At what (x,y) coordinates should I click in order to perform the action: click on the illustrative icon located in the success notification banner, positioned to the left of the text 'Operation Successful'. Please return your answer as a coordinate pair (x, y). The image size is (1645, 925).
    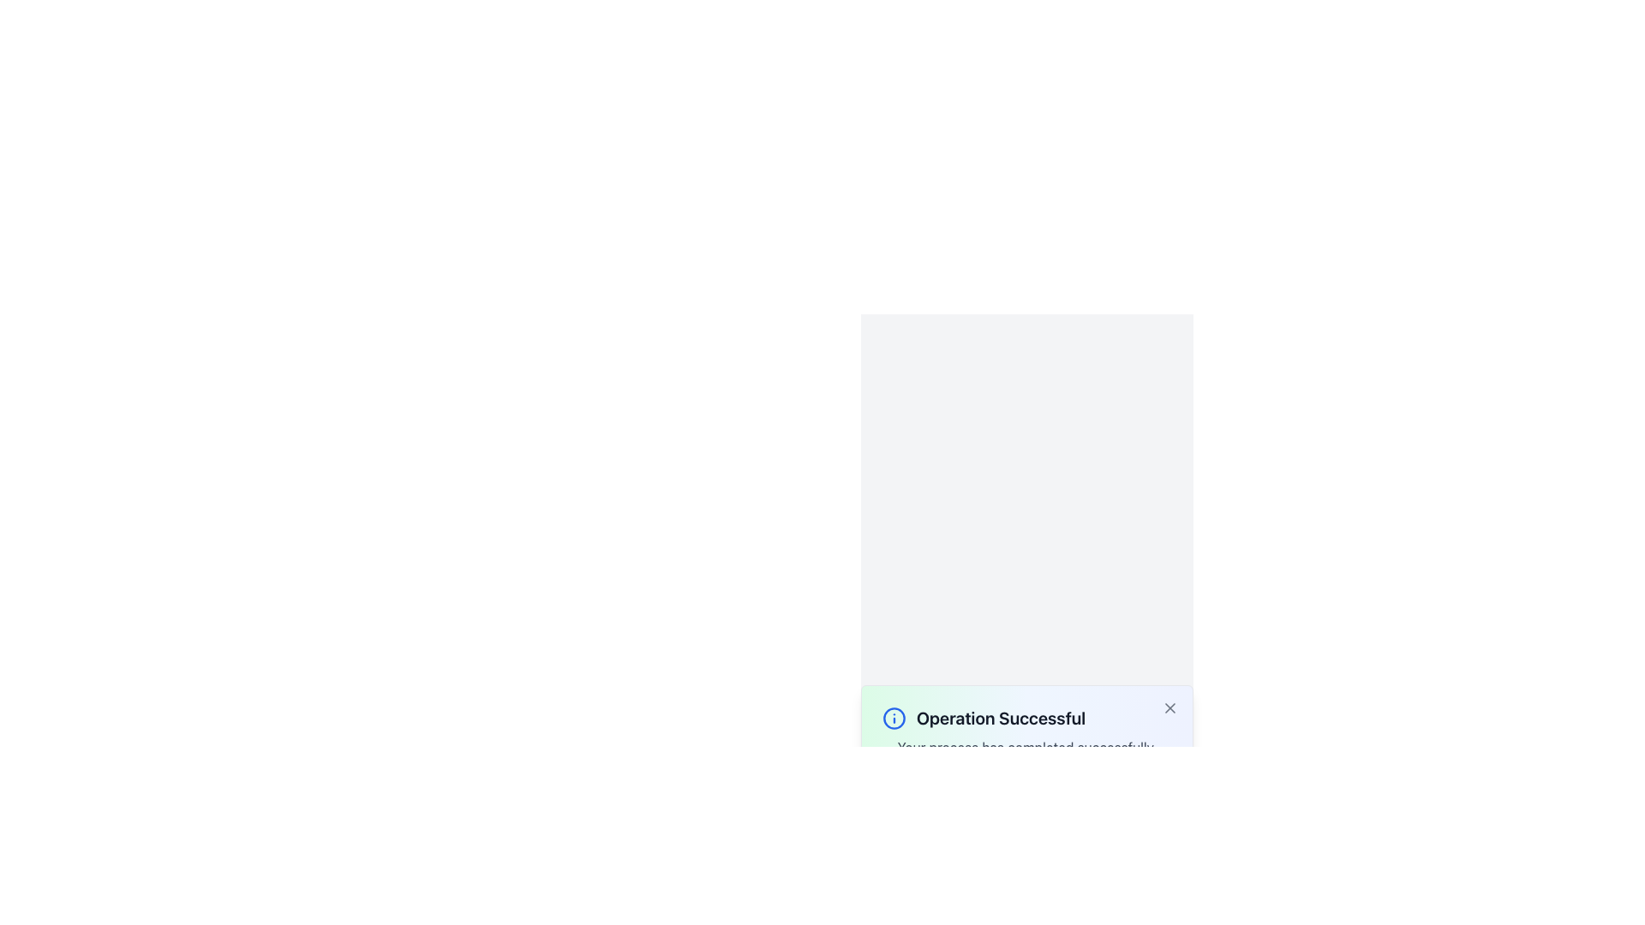
    Looking at the image, I should click on (893, 719).